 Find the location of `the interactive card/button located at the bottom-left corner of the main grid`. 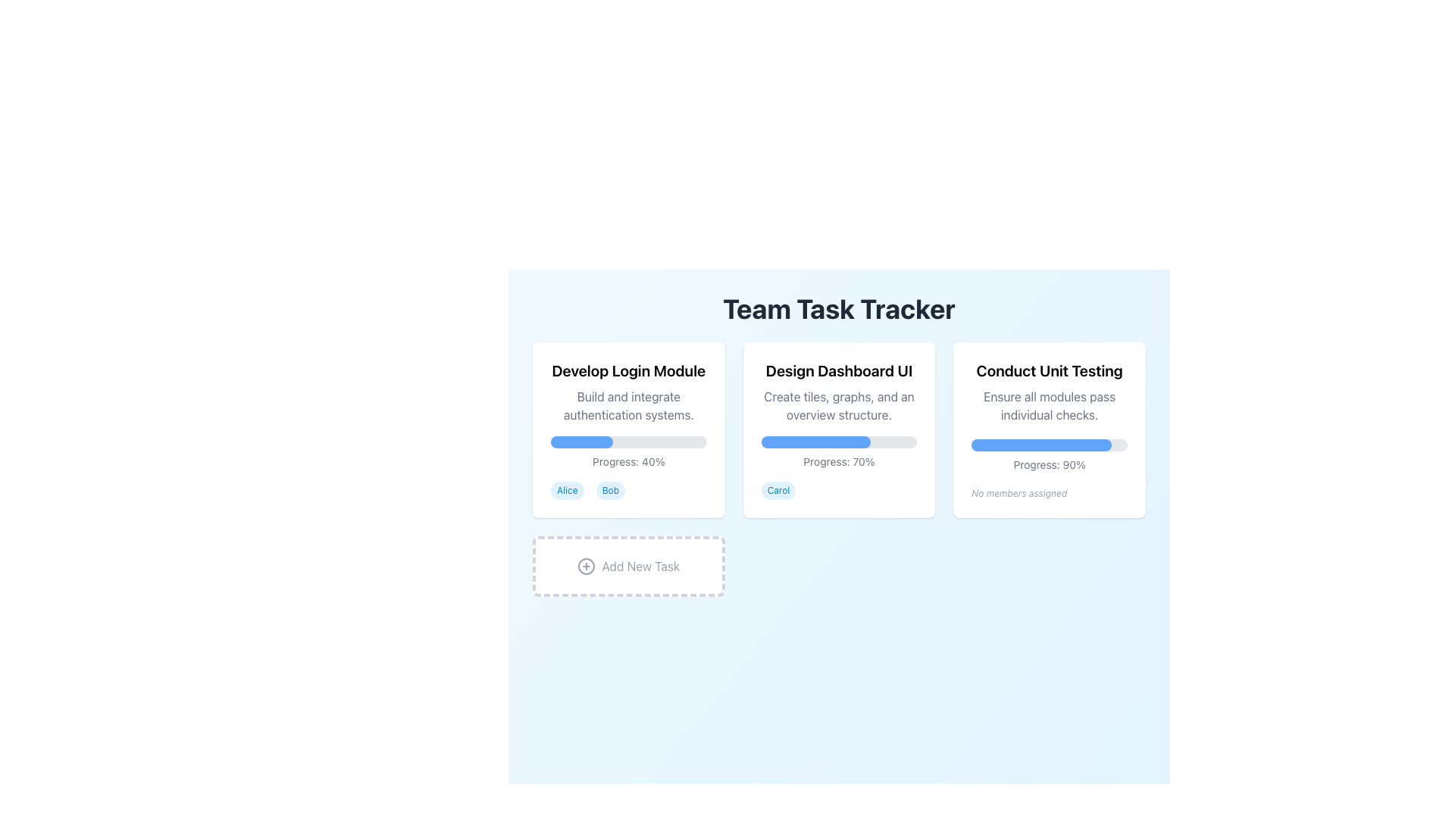

the interactive card/button located at the bottom-left corner of the main grid is located at coordinates (628, 567).